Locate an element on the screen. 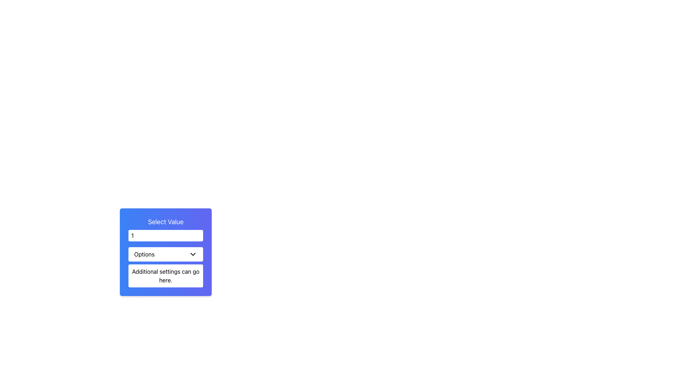 This screenshot has width=689, height=388. the 'Select Value' labeled numeric input field to focus and edit the numeric value is located at coordinates (165, 229).